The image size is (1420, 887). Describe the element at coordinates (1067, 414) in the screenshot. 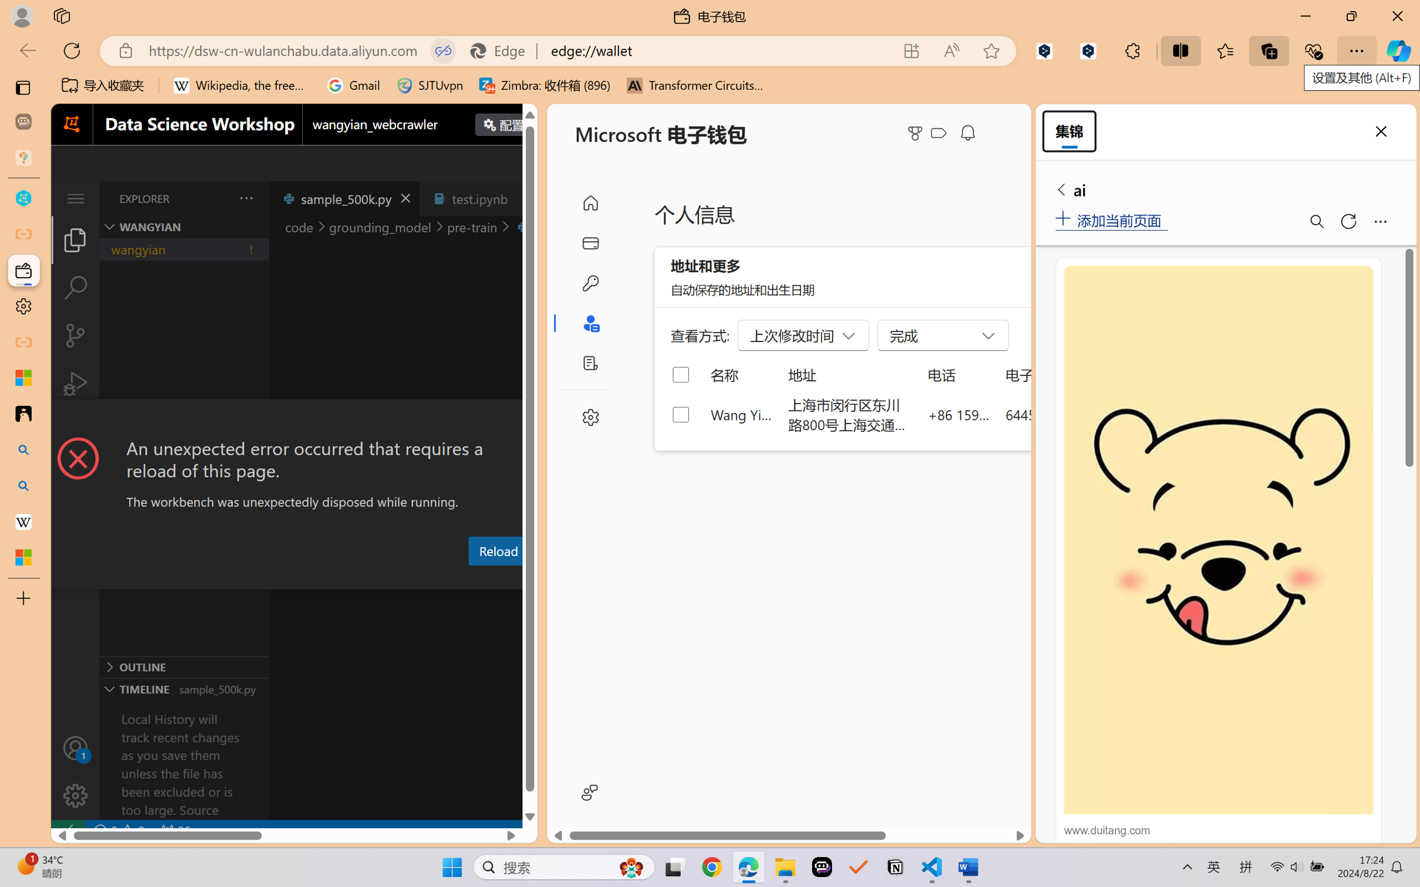

I see `'644553698@qq.com'` at that location.